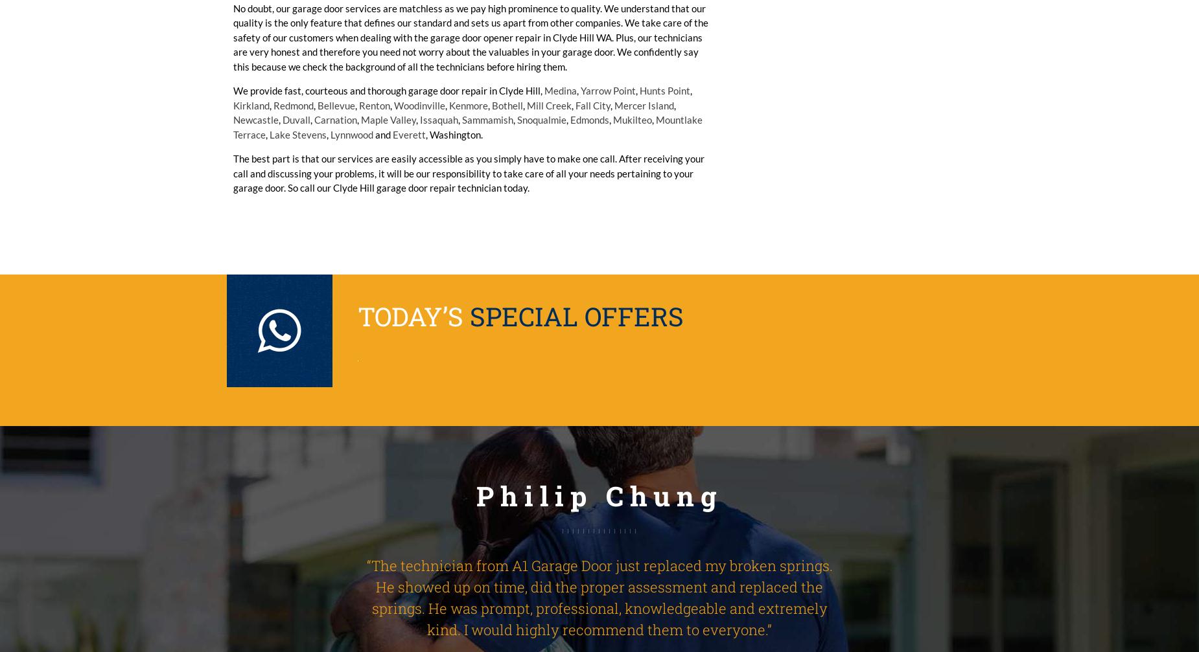 Image resolution: width=1199 pixels, height=652 pixels. I want to click on 'Fall City', so click(593, 105).